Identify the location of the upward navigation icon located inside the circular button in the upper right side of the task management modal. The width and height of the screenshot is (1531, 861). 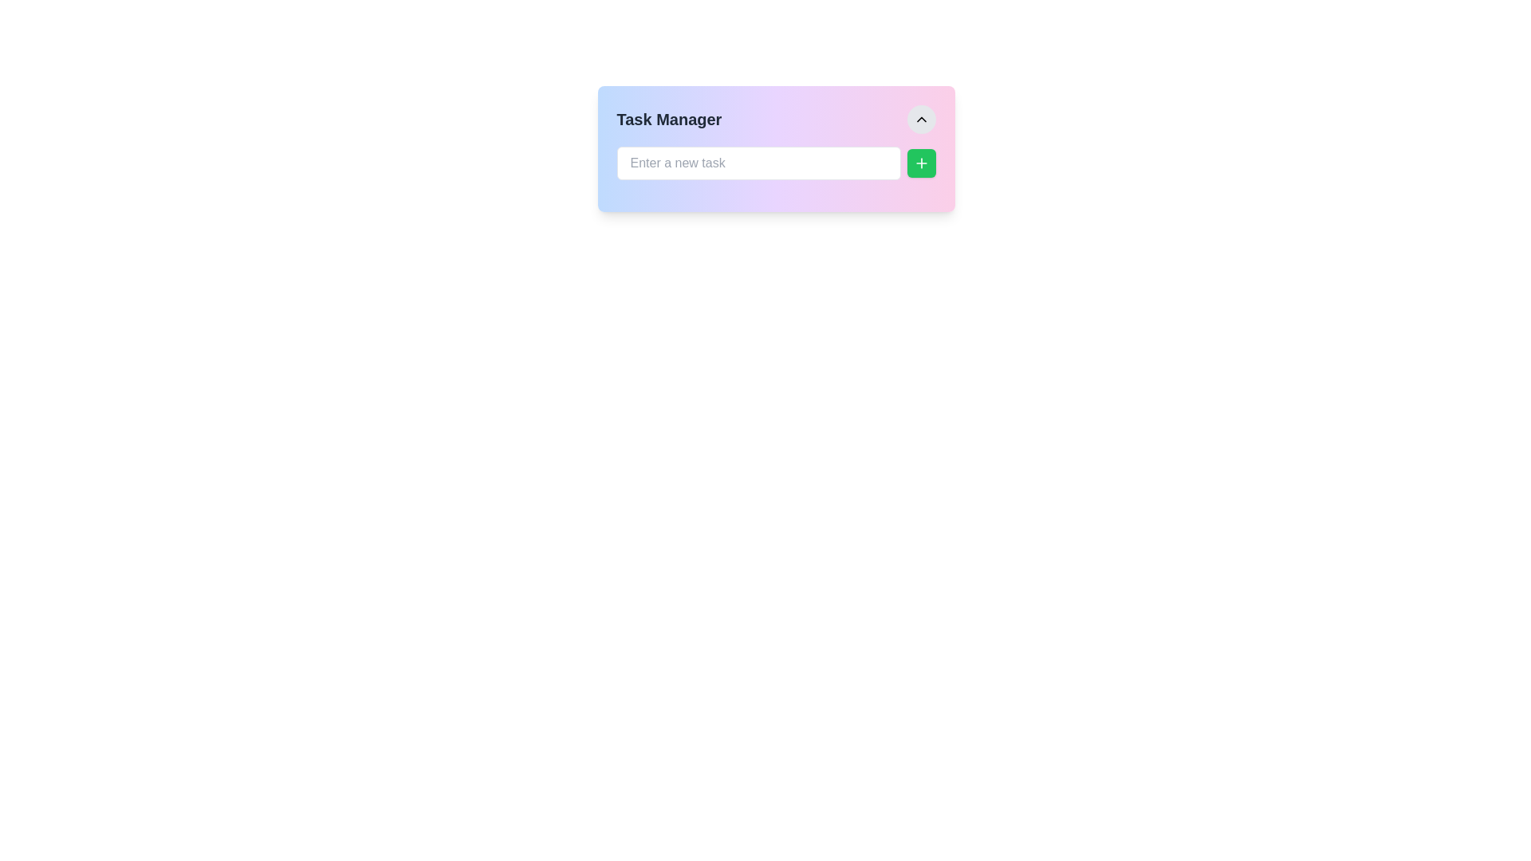
(921, 119).